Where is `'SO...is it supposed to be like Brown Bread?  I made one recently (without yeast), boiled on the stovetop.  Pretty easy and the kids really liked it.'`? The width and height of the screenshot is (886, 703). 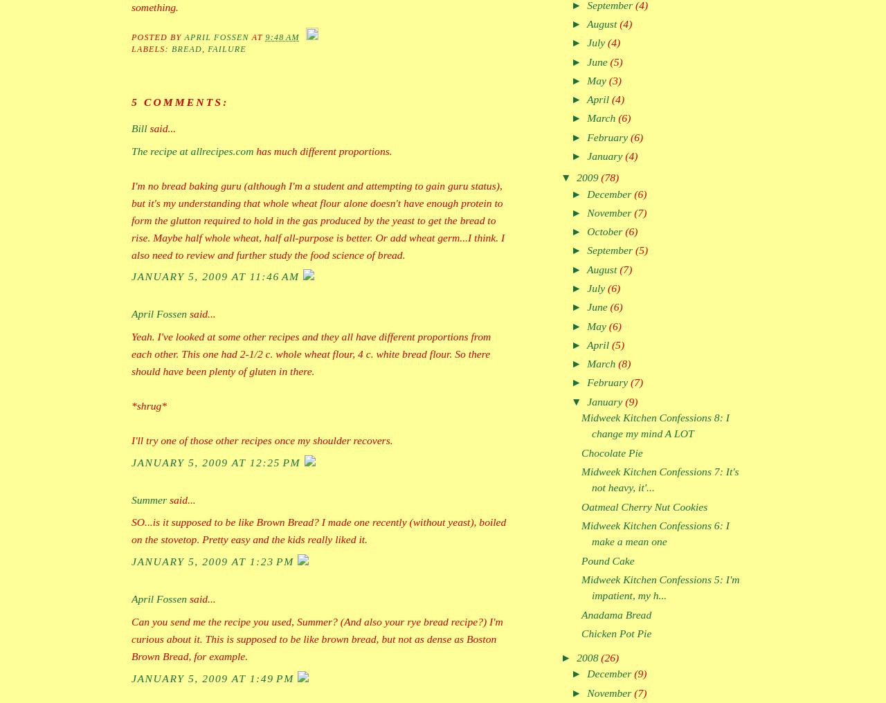
'SO...is it supposed to be like Brown Bread?  I made one recently (without yeast), boiled on the stovetop.  Pretty easy and the kids really liked it.' is located at coordinates (318, 529).